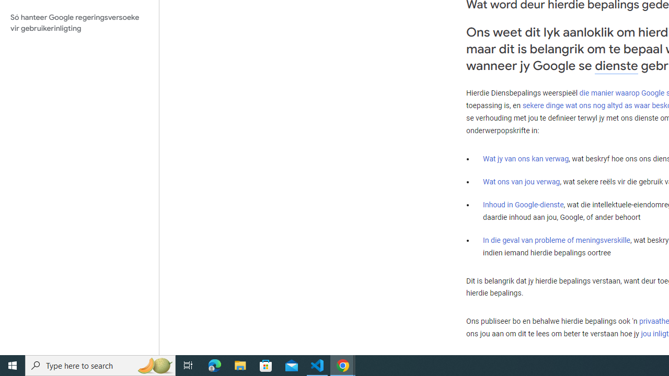 This screenshot has height=376, width=669. What do you see at coordinates (522, 181) in the screenshot?
I see `'Wat ons van jou verwag'` at bounding box center [522, 181].